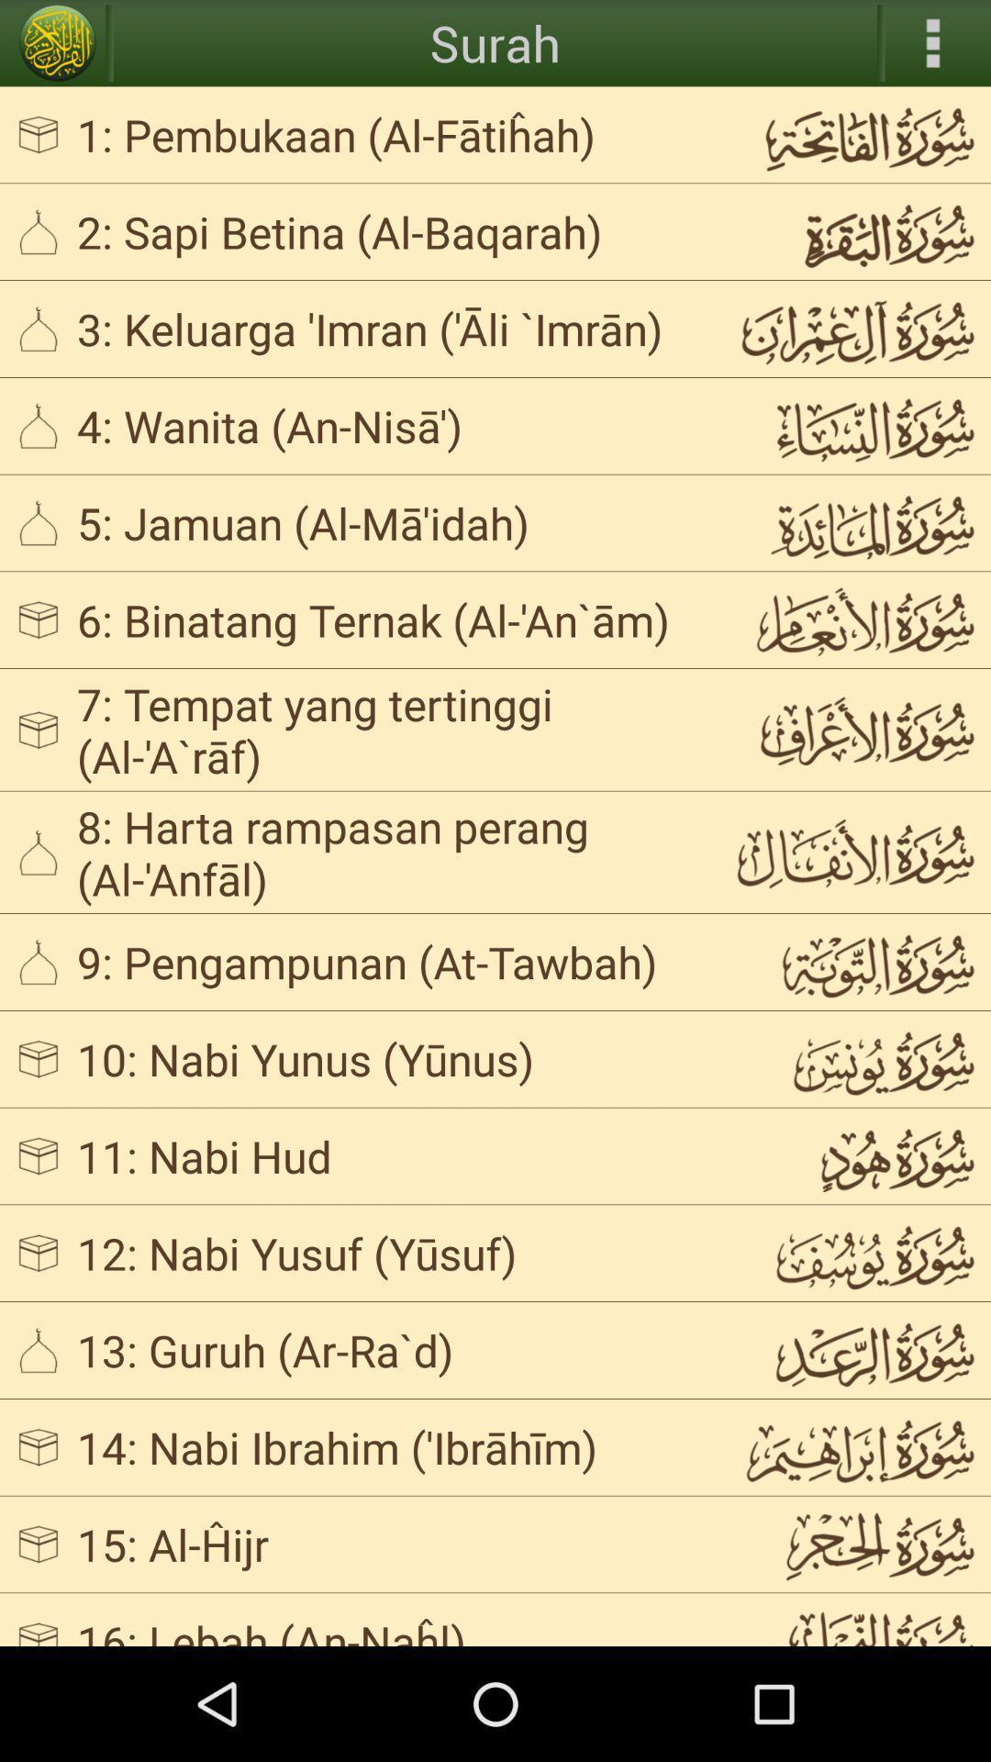  I want to click on 7 tempat yang item, so click(389, 729).